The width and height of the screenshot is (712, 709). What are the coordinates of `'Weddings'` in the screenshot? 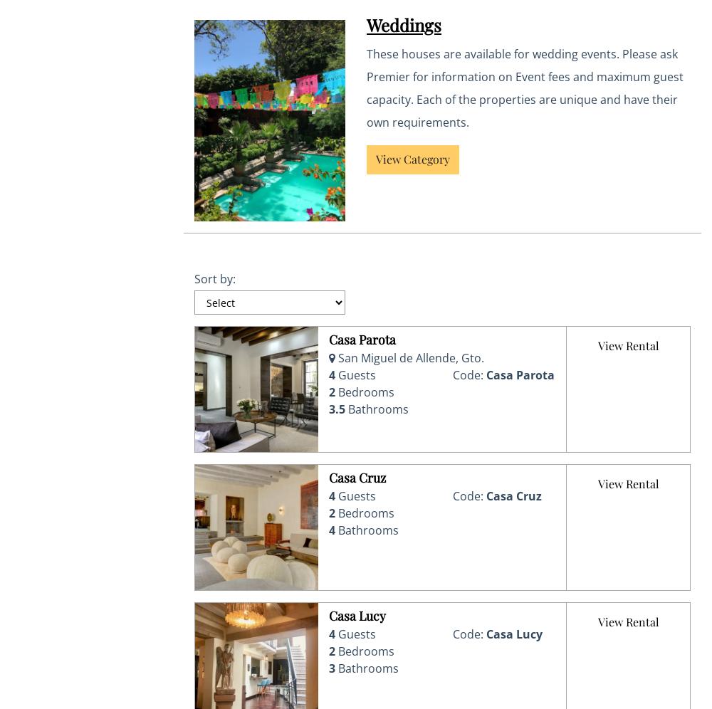 It's located at (367, 24).